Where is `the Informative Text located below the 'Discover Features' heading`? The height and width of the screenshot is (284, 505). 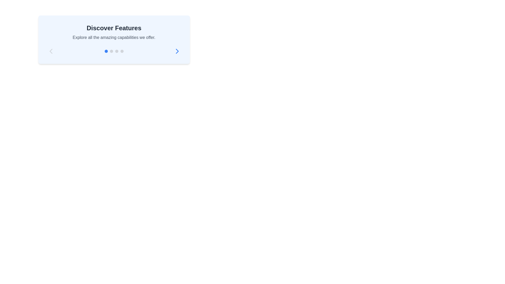
the Informative Text located below the 'Discover Features' heading is located at coordinates (114, 37).